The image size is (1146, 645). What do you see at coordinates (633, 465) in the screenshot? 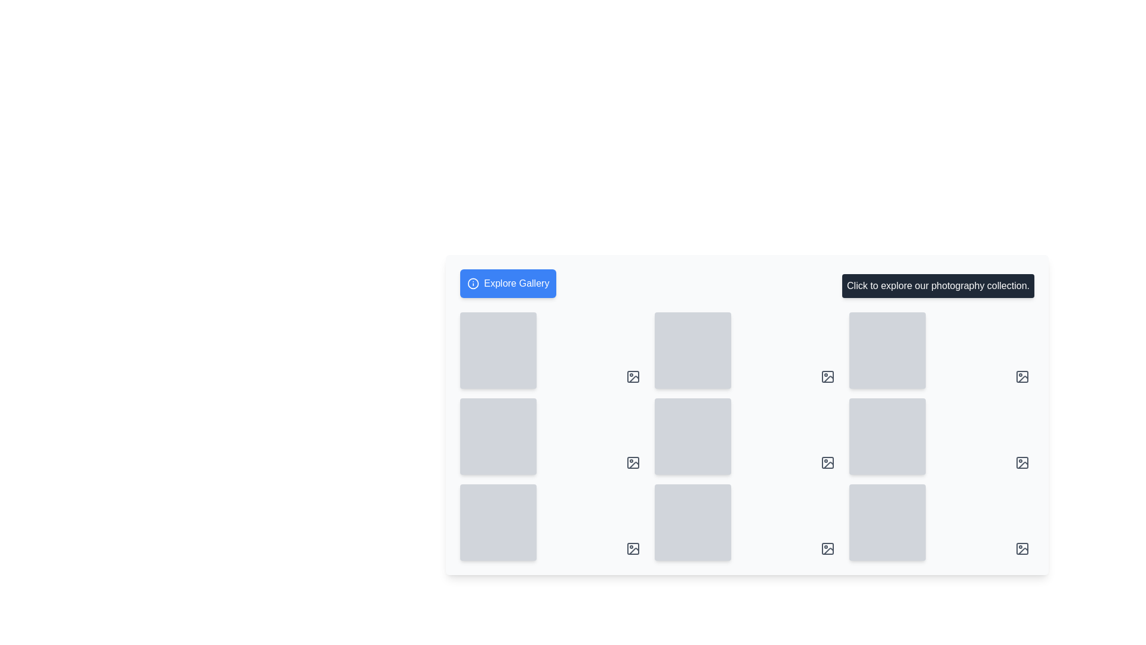
I see `the small monochromatic icon that resembles a photo placeholder, located centrally within its bounding box in the bottom-right of the gallery layout` at bounding box center [633, 465].